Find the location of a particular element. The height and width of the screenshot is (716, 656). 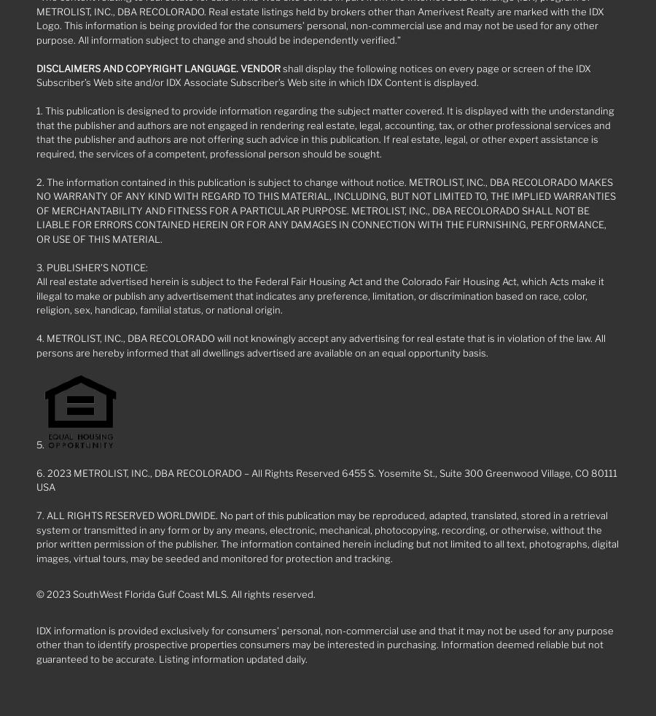

'shall display the following notices on every page or screen of the IDX Subscriber’s Web site and/or IDX Associate Subscriber’s Web site in which IDX Content is displayed.' is located at coordinates (313, 74).